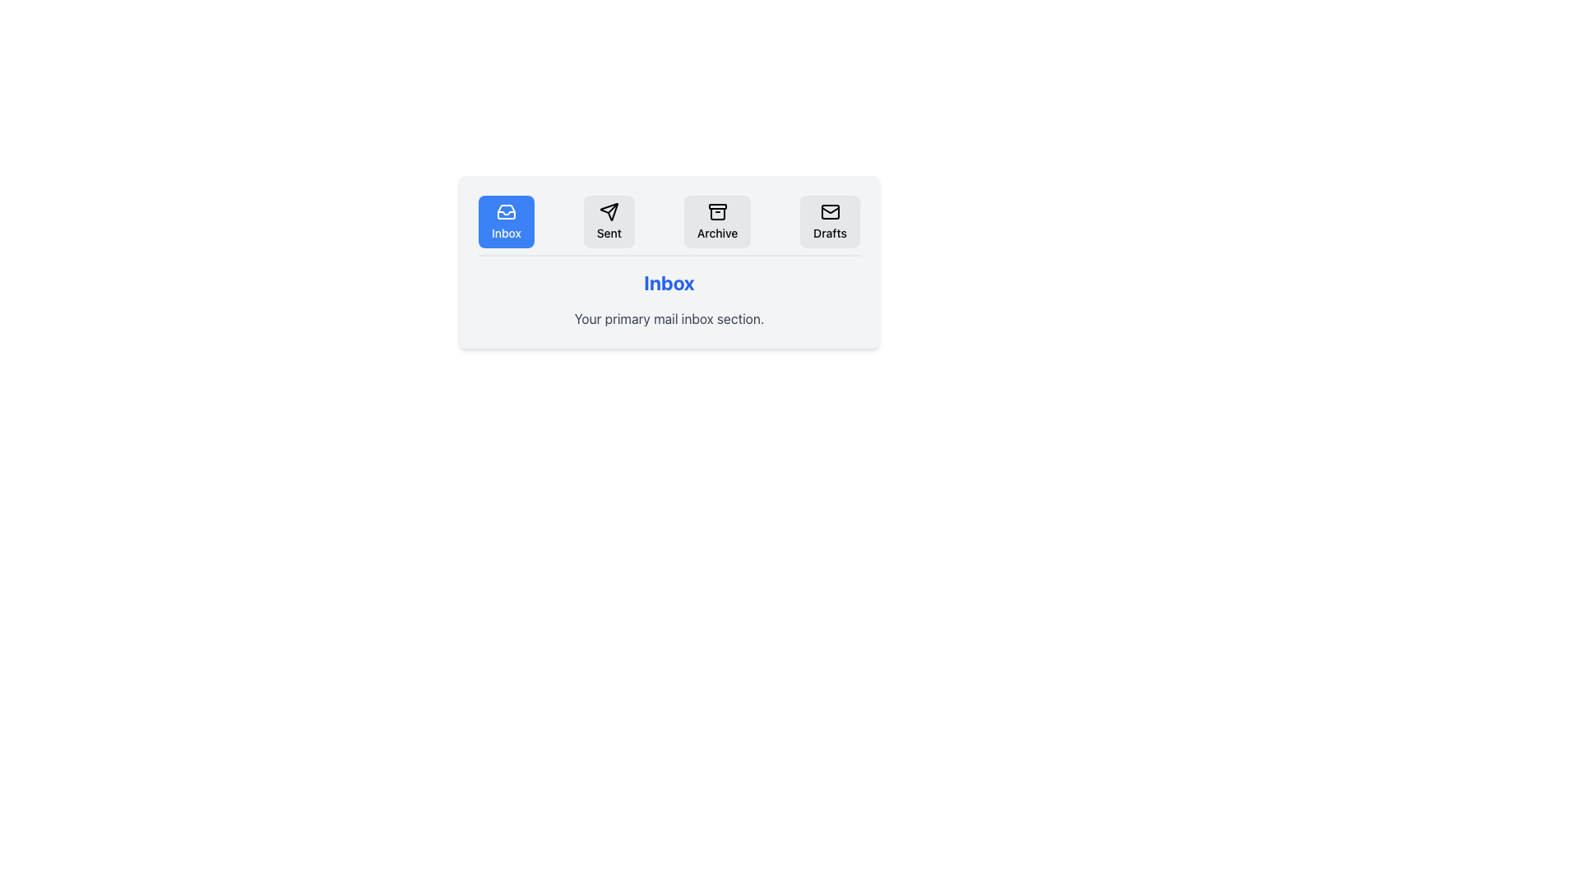 The height and width of the screenshot is (888, 1579). I want to click on the archive icon, which is a box-shaped icon with a bold outline located above the 'Archive' text in the header section, so click(717, 211).